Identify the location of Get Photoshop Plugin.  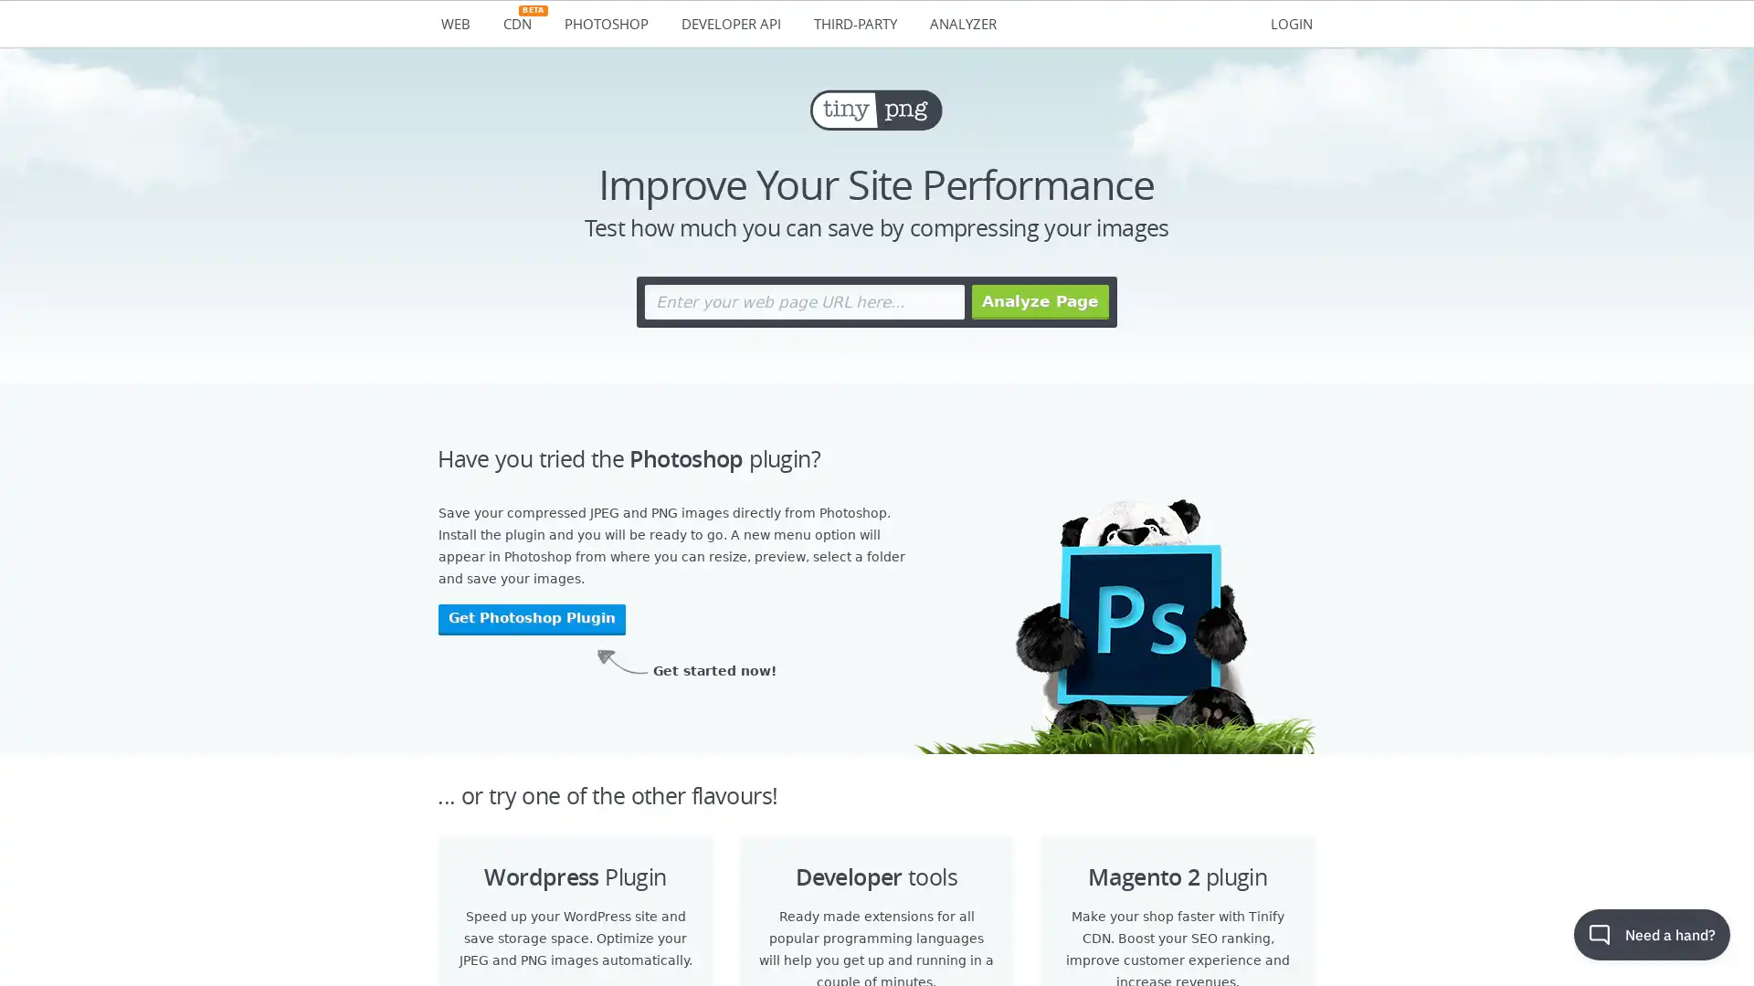
(531, 618).